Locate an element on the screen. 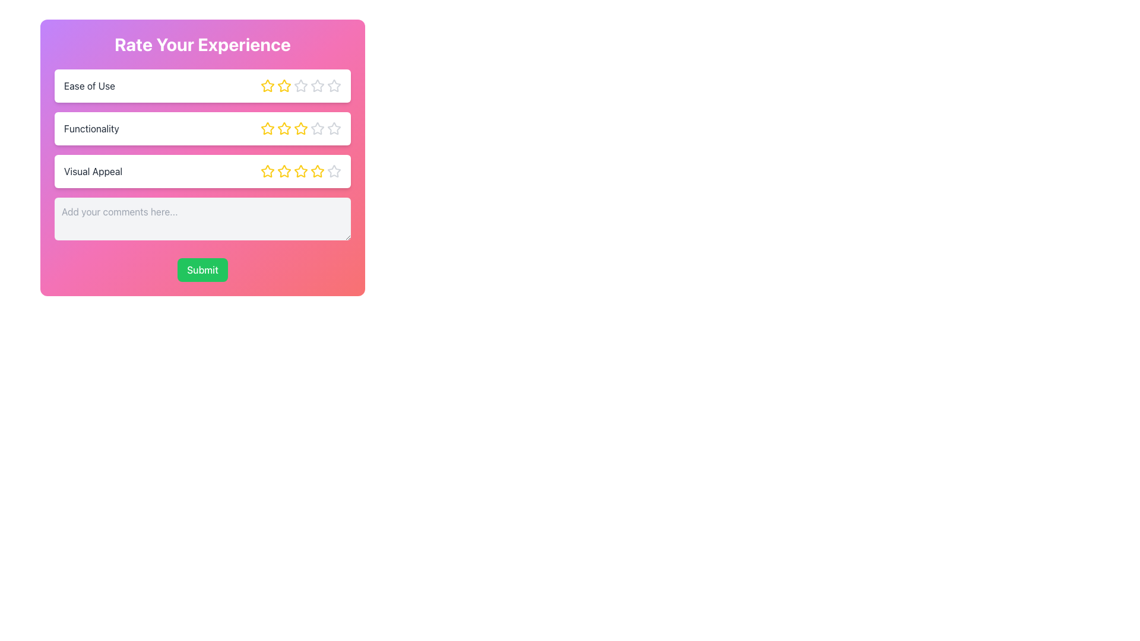 This screenshot has height=641, width=1140. the fifth star-shaped Rating Star Icon in the Functionality rating widget to give the maximum rating is located at coordinates (332, 128).